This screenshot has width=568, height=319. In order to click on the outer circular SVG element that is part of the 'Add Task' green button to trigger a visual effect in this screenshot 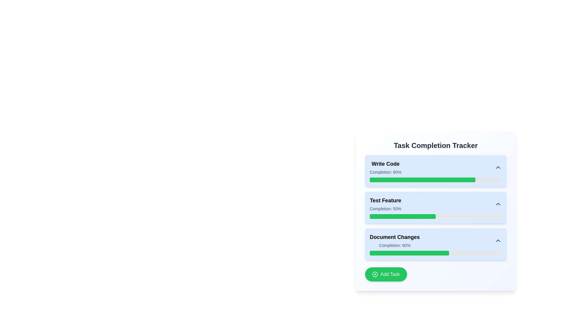, I will do `click(375, 274)`.